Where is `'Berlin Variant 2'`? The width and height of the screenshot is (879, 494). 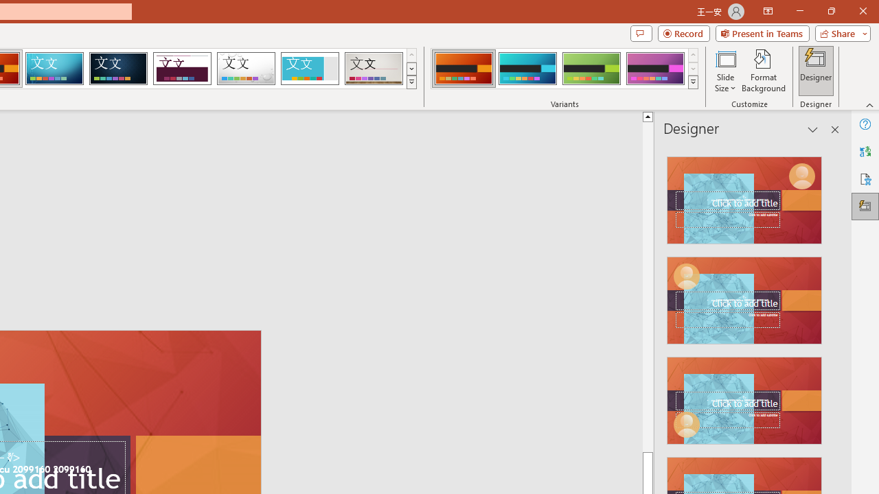
'Berlin Variant 2' is located at coordinates (527, 69).